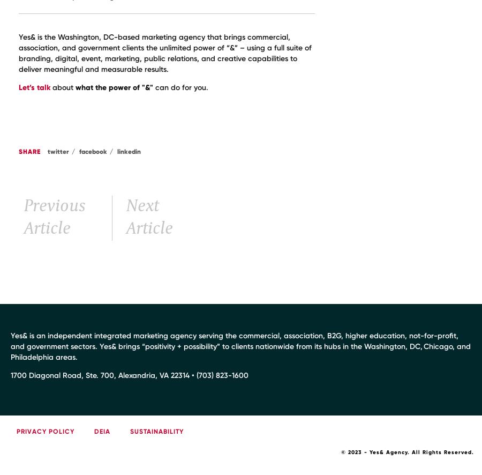  Describe the element at coordinates (129, 375) in the screenshot. I see `'1700 Diagonal Road, Ste. 700, Alexandria, VA 22314 • (703) 823-1600'` at that location.